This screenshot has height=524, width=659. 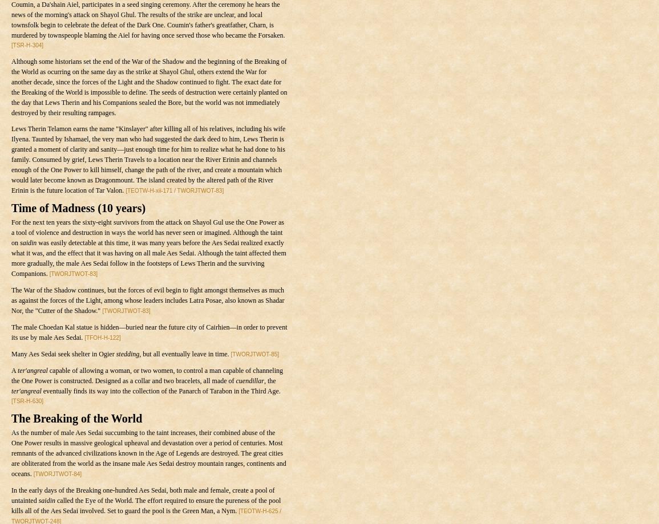 I want to click on 'Many Aes Sedai seek shelter in Ogier', so click(x=63, y=354).